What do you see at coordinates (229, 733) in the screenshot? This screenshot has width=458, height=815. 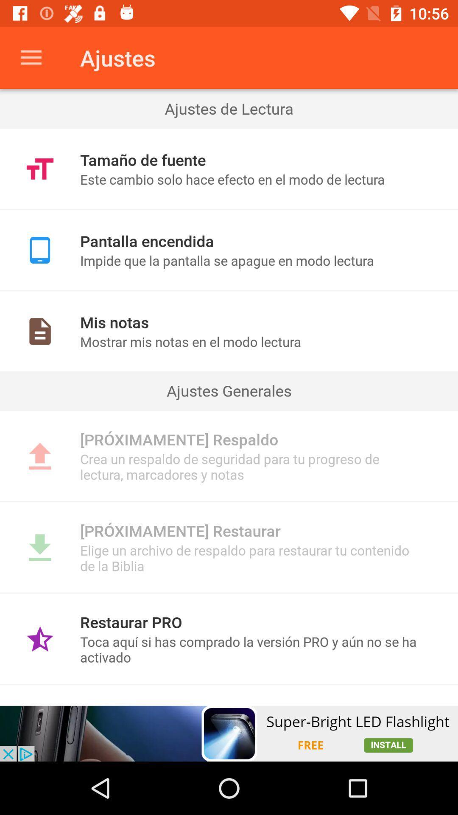 I see `open add` at bounding box center [229, 733].